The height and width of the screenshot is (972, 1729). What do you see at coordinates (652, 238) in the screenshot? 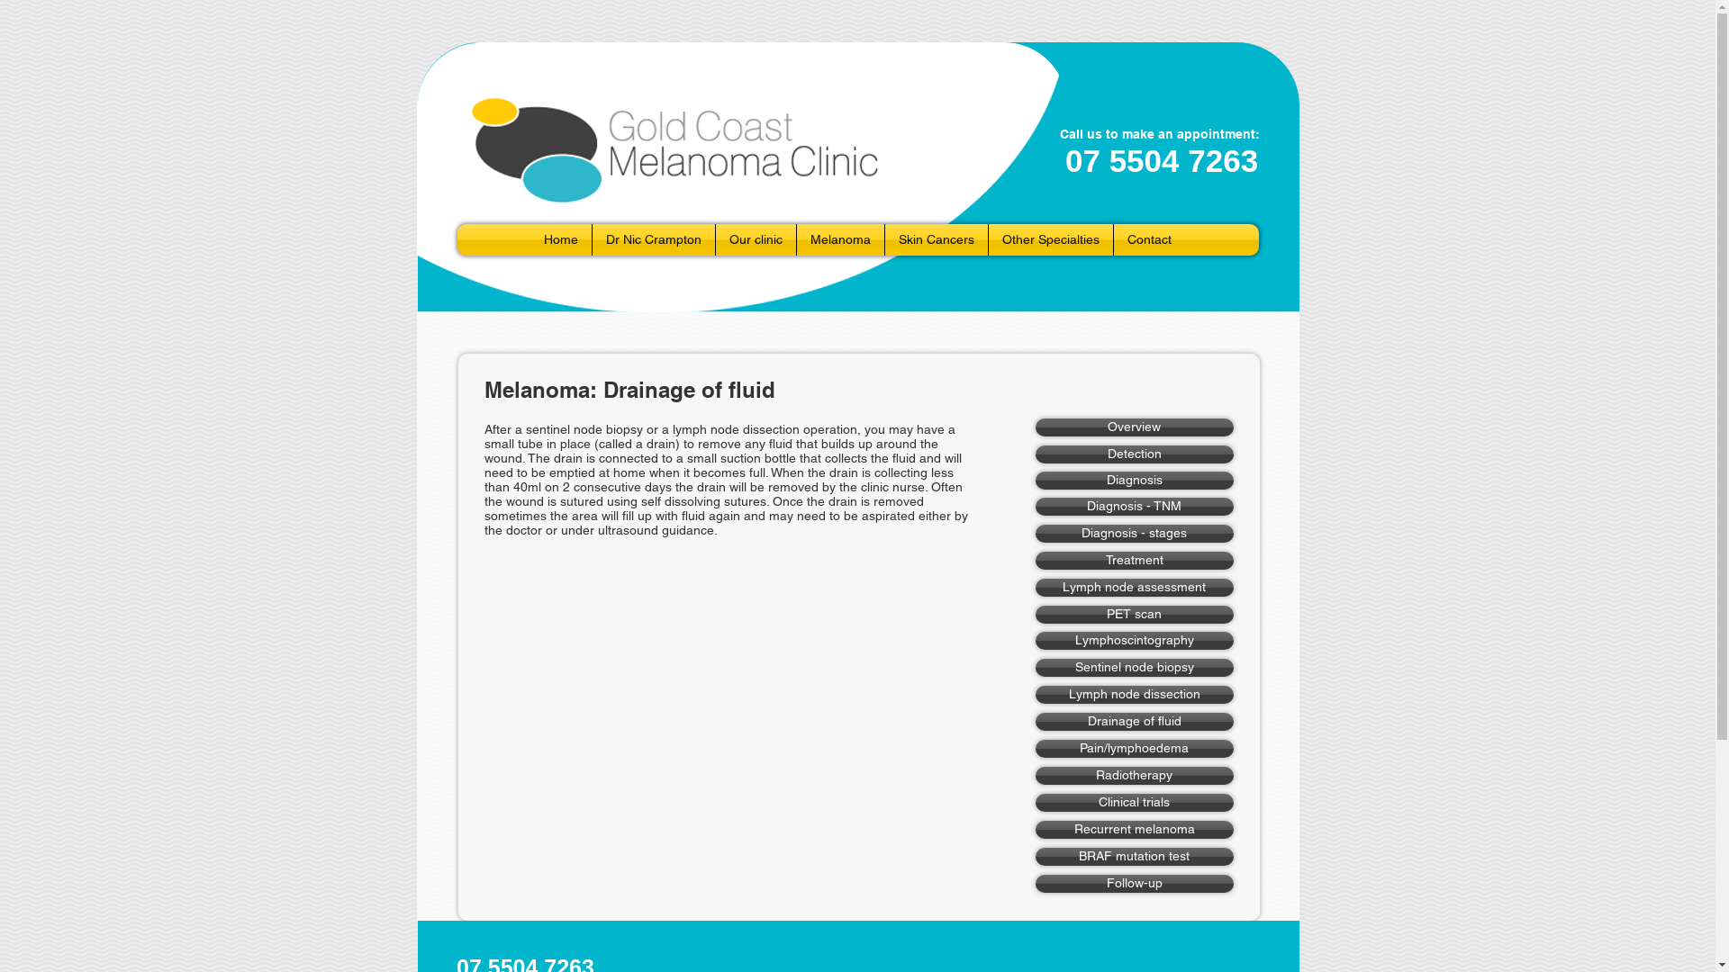
I see `'Dr Nic Crampton'` at bounding box center [652, 238].